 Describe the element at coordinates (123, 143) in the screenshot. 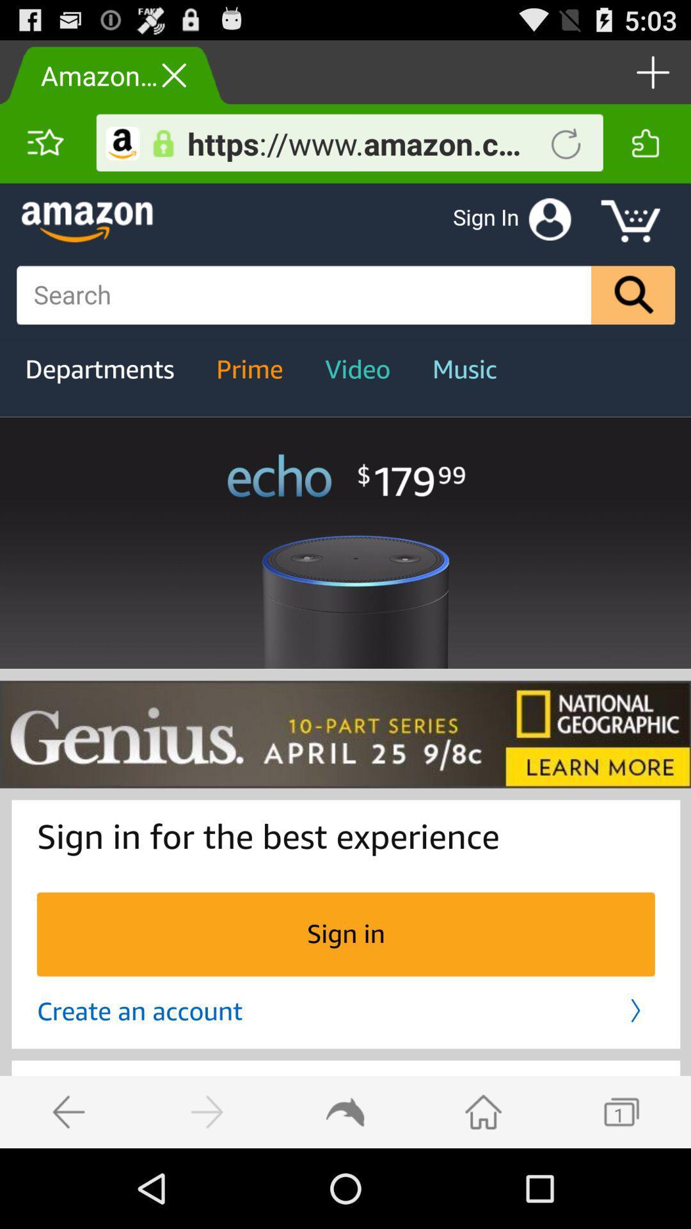

I see `amazon option` at that location.